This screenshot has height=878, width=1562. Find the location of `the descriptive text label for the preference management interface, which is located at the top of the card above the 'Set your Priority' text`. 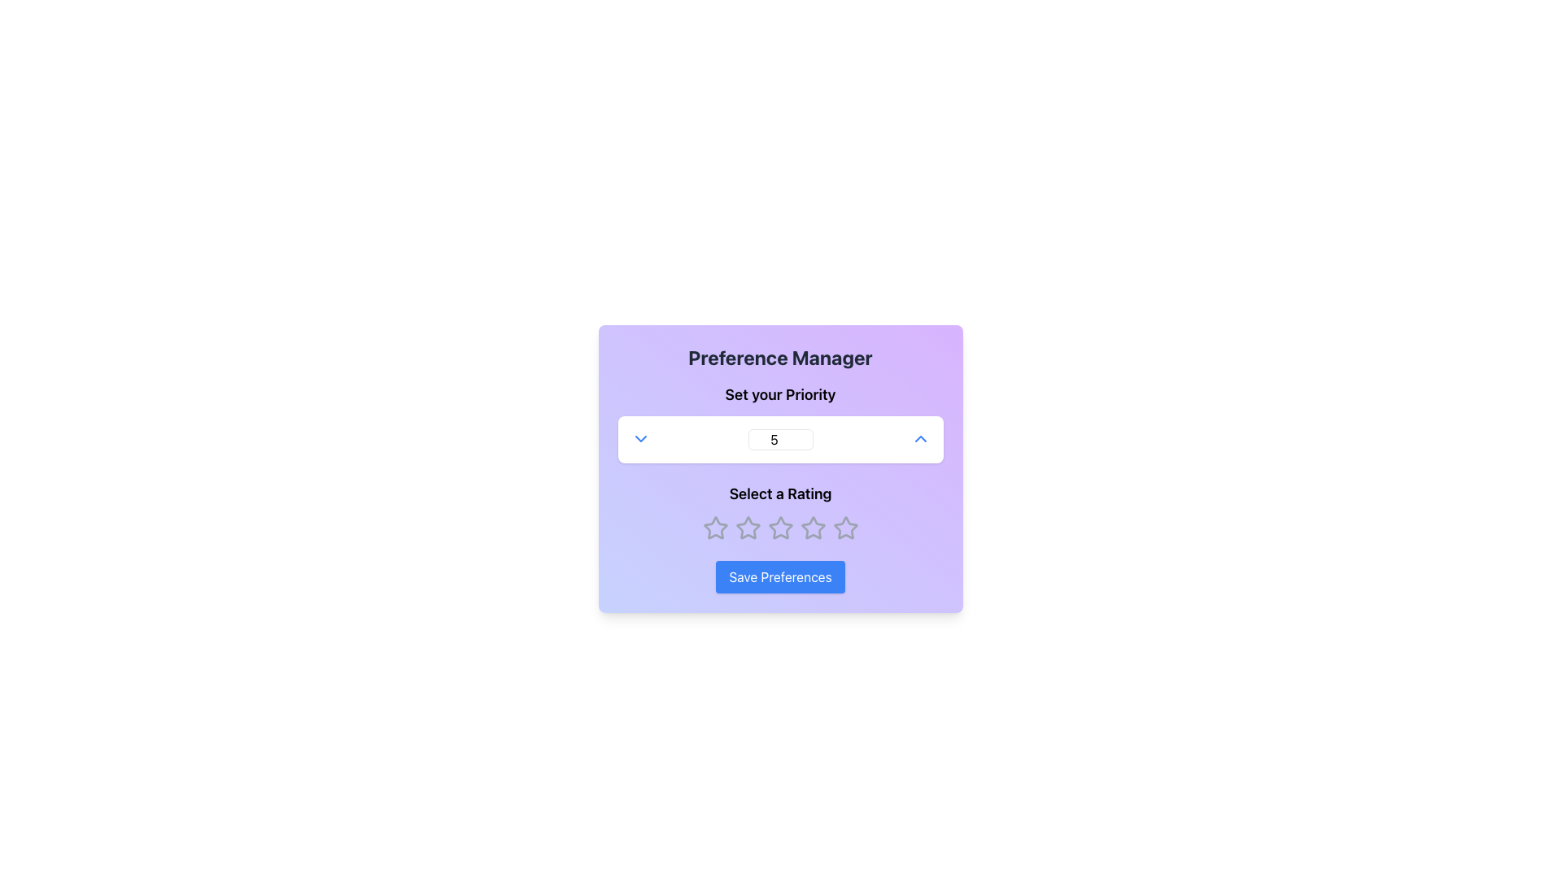

the descriptive text label for the preference management interface, which is located at the top of the card above the 'Set your Priority' text is located at coordinates (779, 356).